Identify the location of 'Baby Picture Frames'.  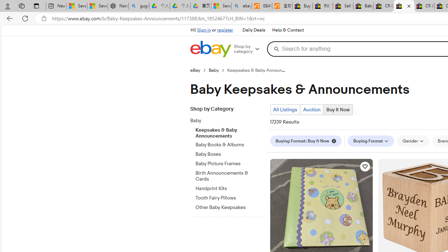
(229, 162).